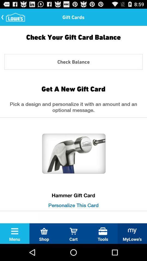 The height and width of the screenshot is (261, 147). Describe the element at coordinates (132, 231) in the screenshot. I see `the icon mylowes` at that location.